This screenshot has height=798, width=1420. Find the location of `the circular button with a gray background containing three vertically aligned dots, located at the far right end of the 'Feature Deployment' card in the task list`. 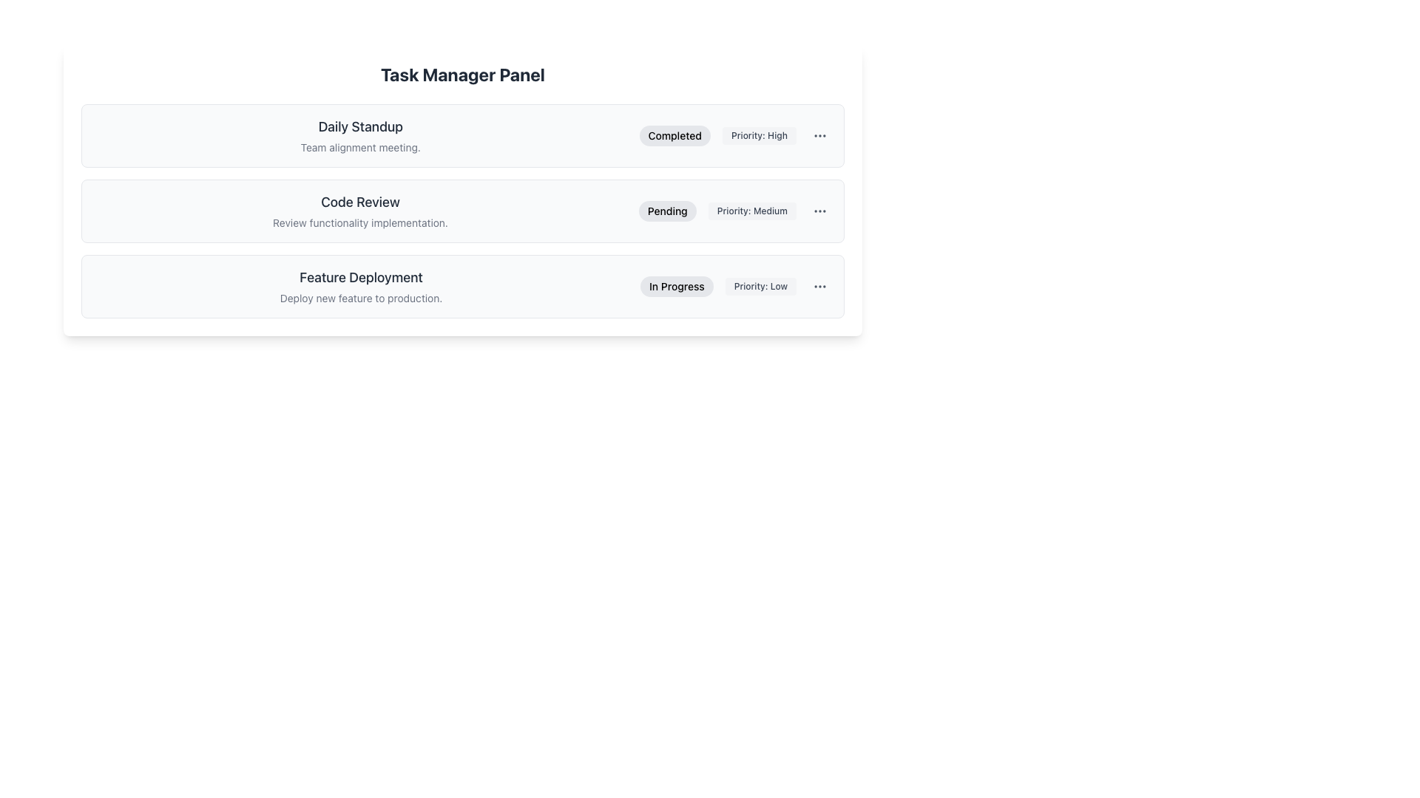

the circular button with a gray background containing three vertically aligned dots, located at the far right end of the 'Feature Deployment' card in the task list is located at coordinates (819, 287).